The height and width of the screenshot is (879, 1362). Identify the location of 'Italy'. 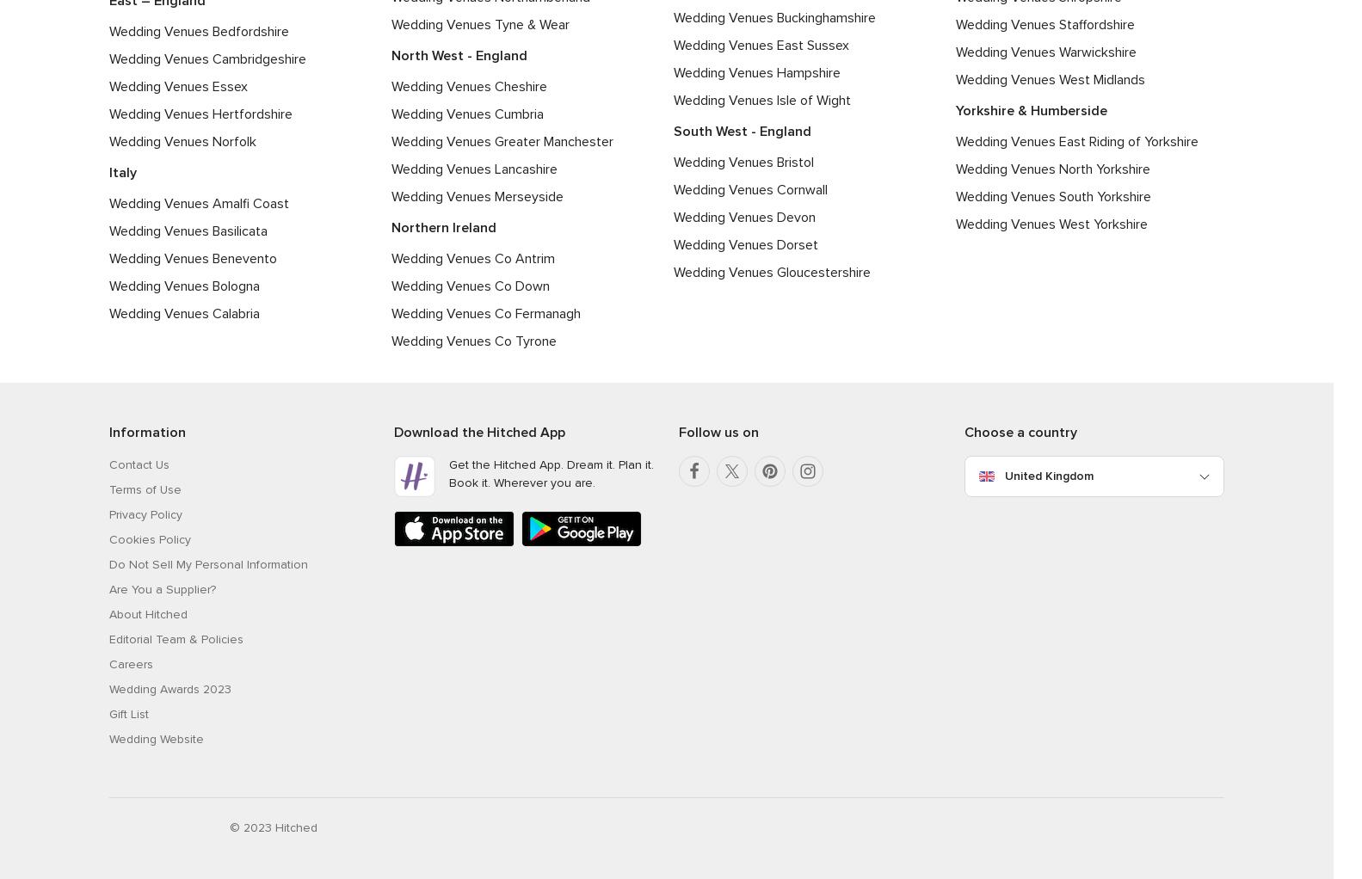
(122, 172).